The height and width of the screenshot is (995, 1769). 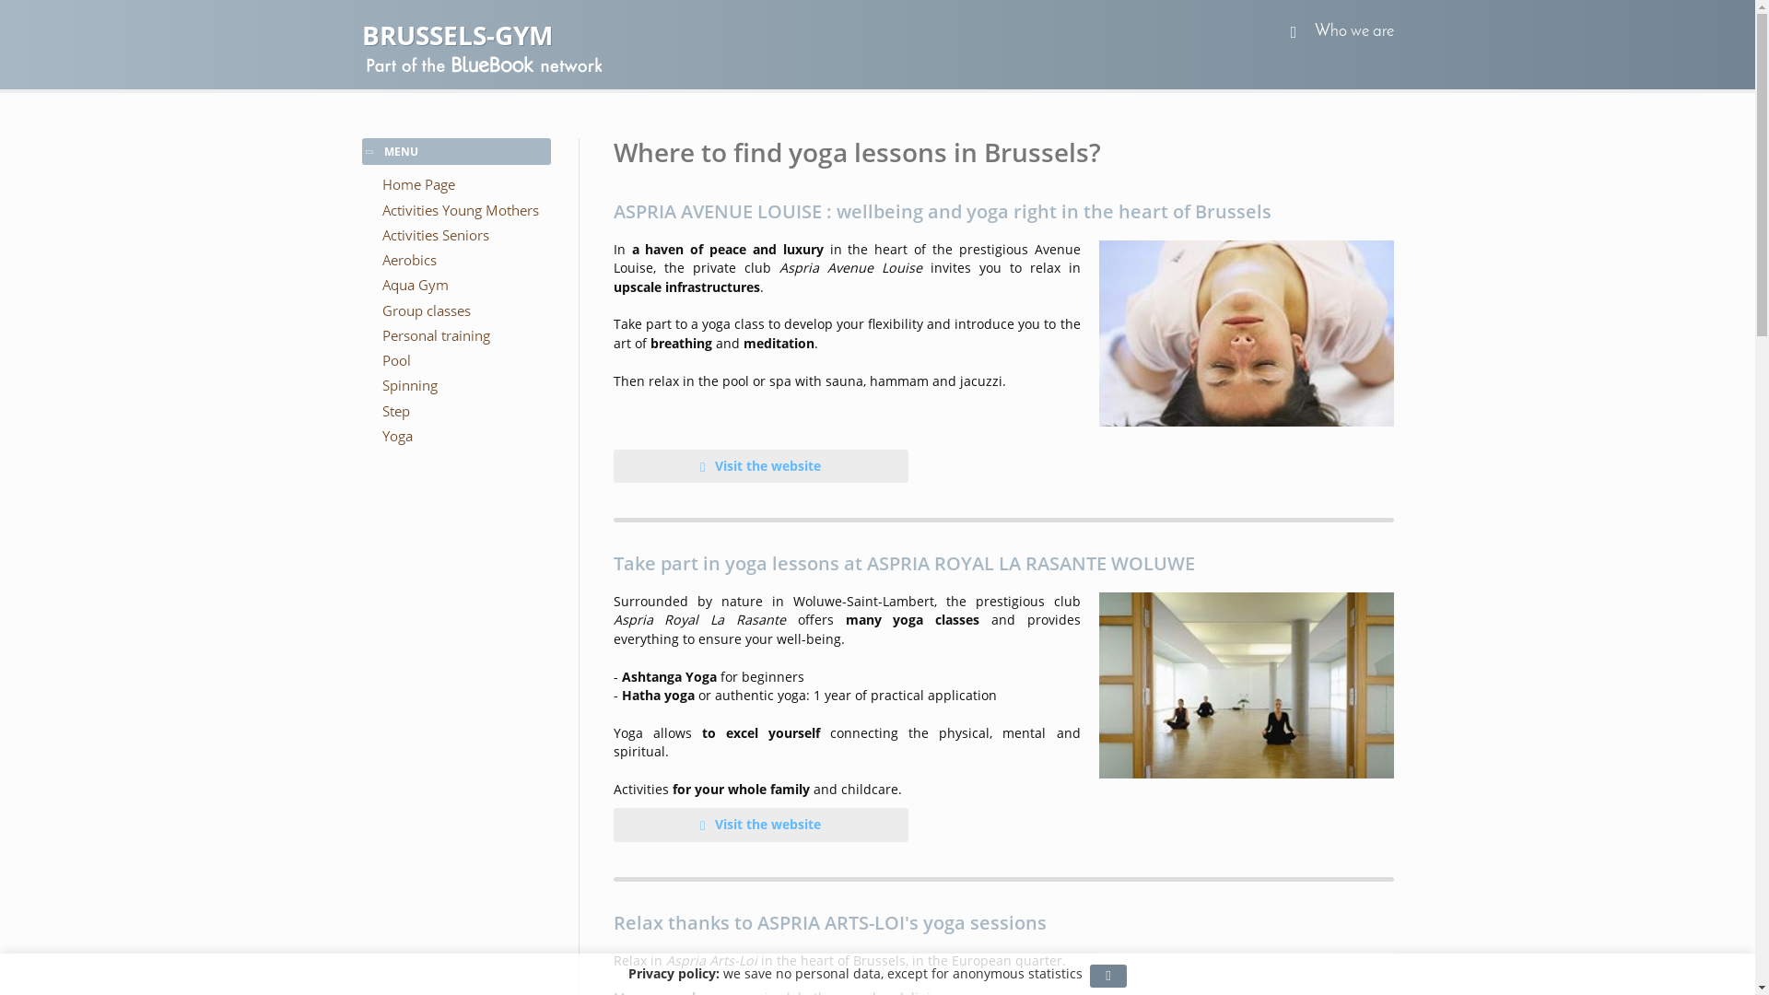 I want to click on 'Visit the website', so click(x=760, y=464).